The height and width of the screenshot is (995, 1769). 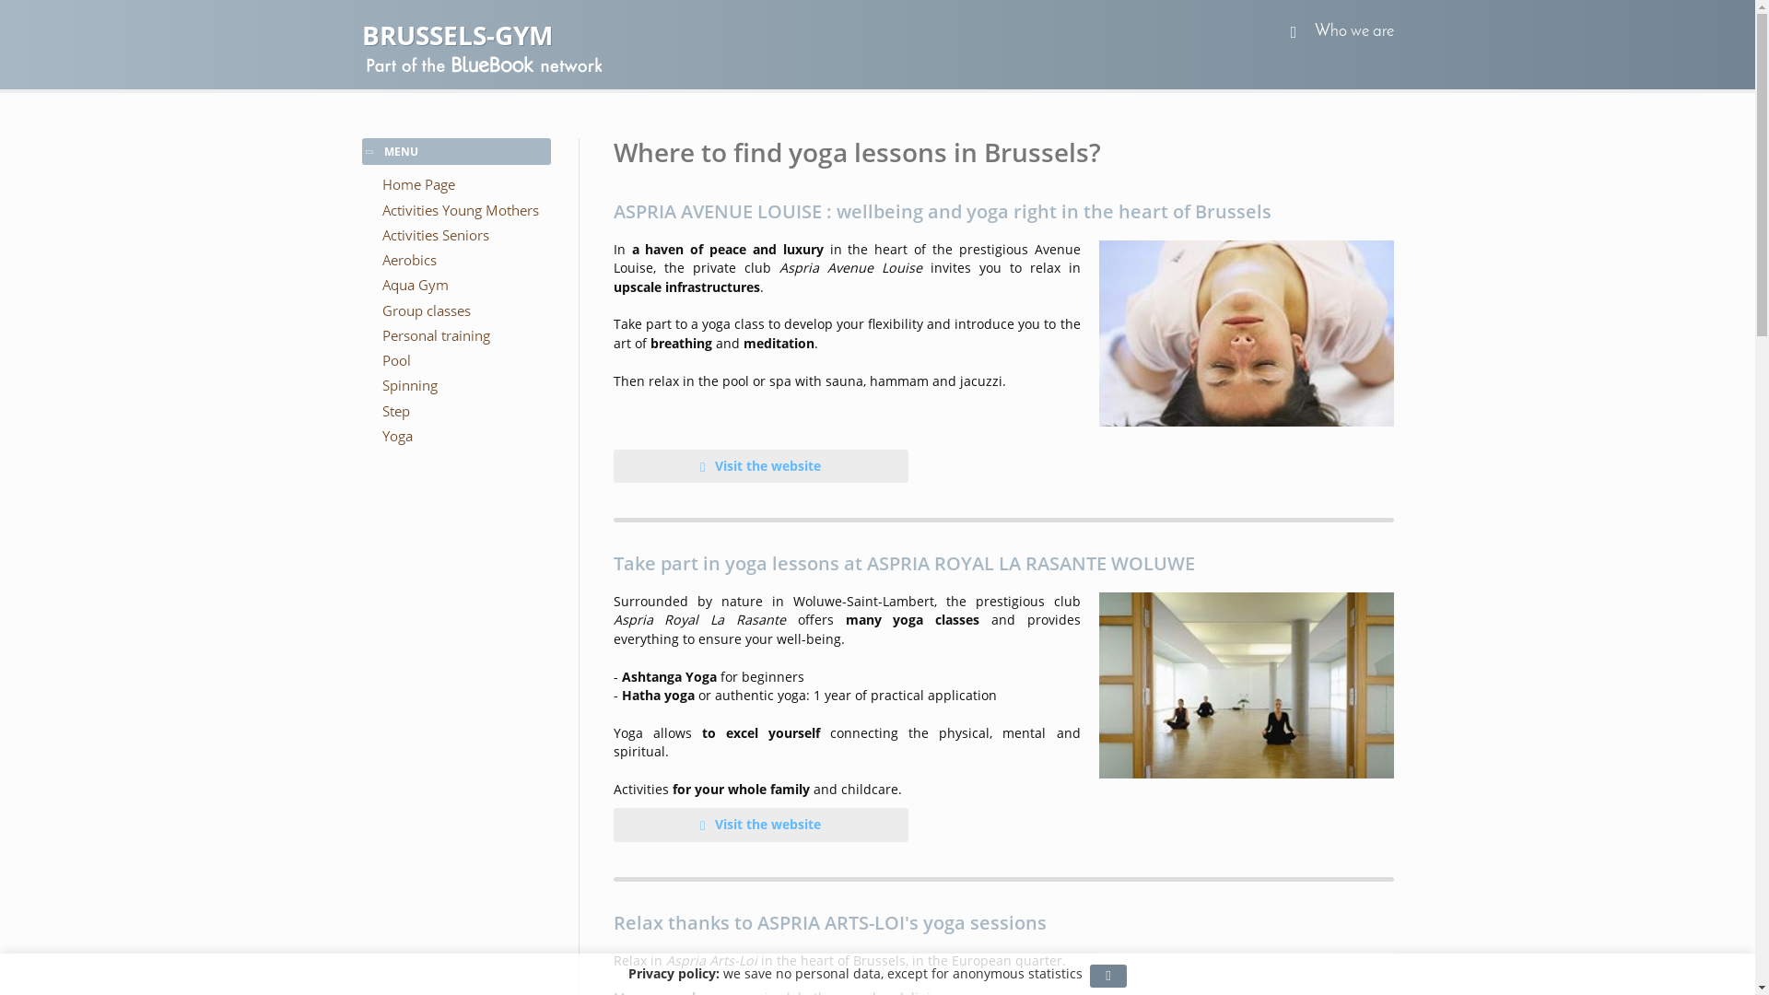 I want to click on 'Visit the website', so click(x=760, y=464).